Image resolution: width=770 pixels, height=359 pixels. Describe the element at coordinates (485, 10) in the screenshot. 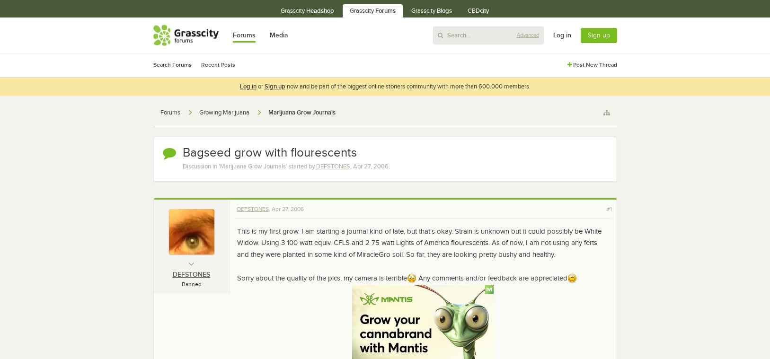

I see `'city'` at that location.